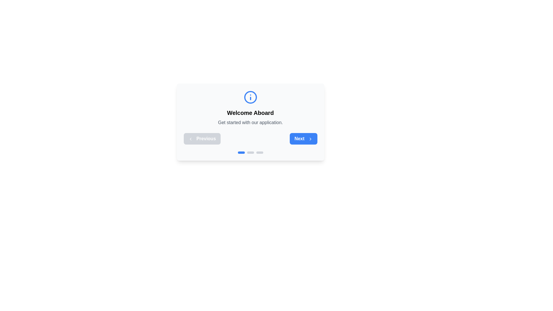 This screenshot has width=553, height=311. Describe the element at coordinates (241, 152) in the screenshot. I see `the first blue rectangular indicator with rounded edges located below the text 'Get started with our application.'` at that location.